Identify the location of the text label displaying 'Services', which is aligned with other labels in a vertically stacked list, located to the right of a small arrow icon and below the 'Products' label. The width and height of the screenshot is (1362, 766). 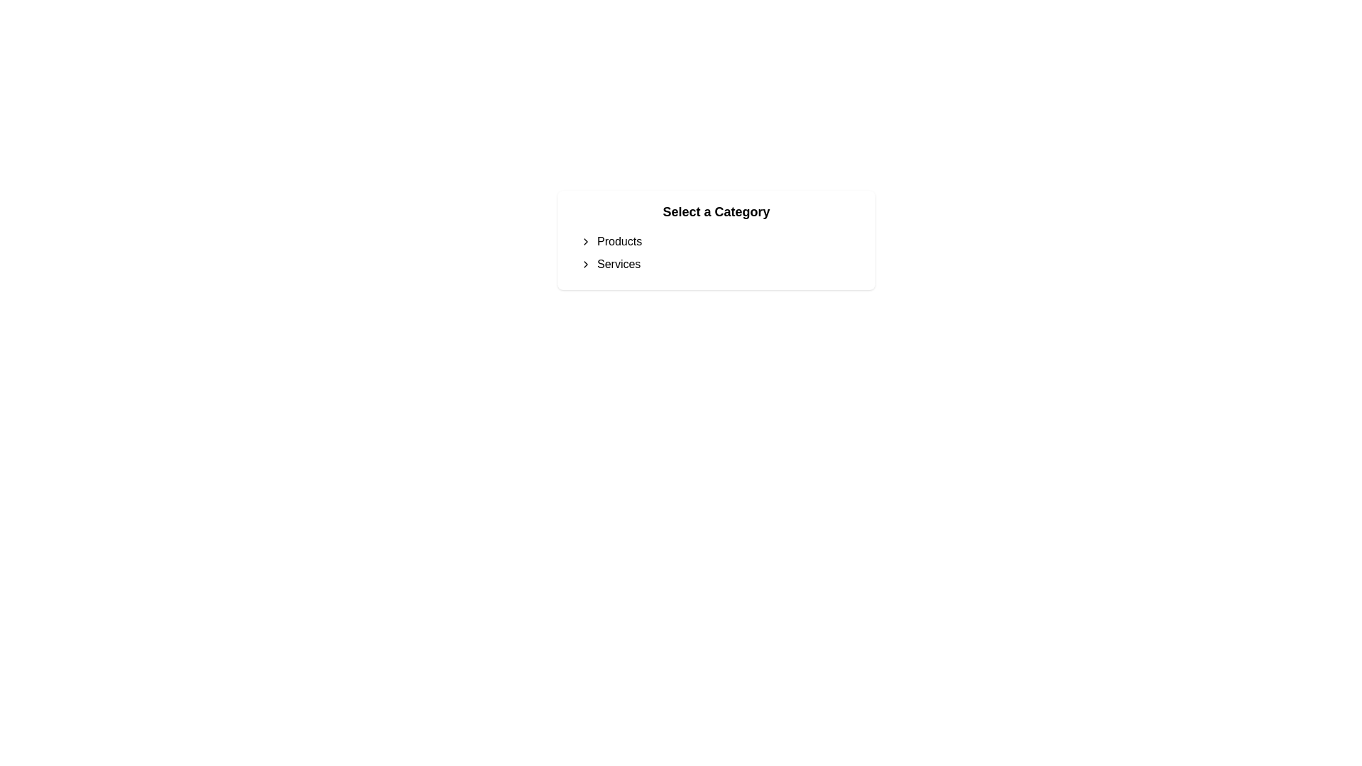
(619, 265).